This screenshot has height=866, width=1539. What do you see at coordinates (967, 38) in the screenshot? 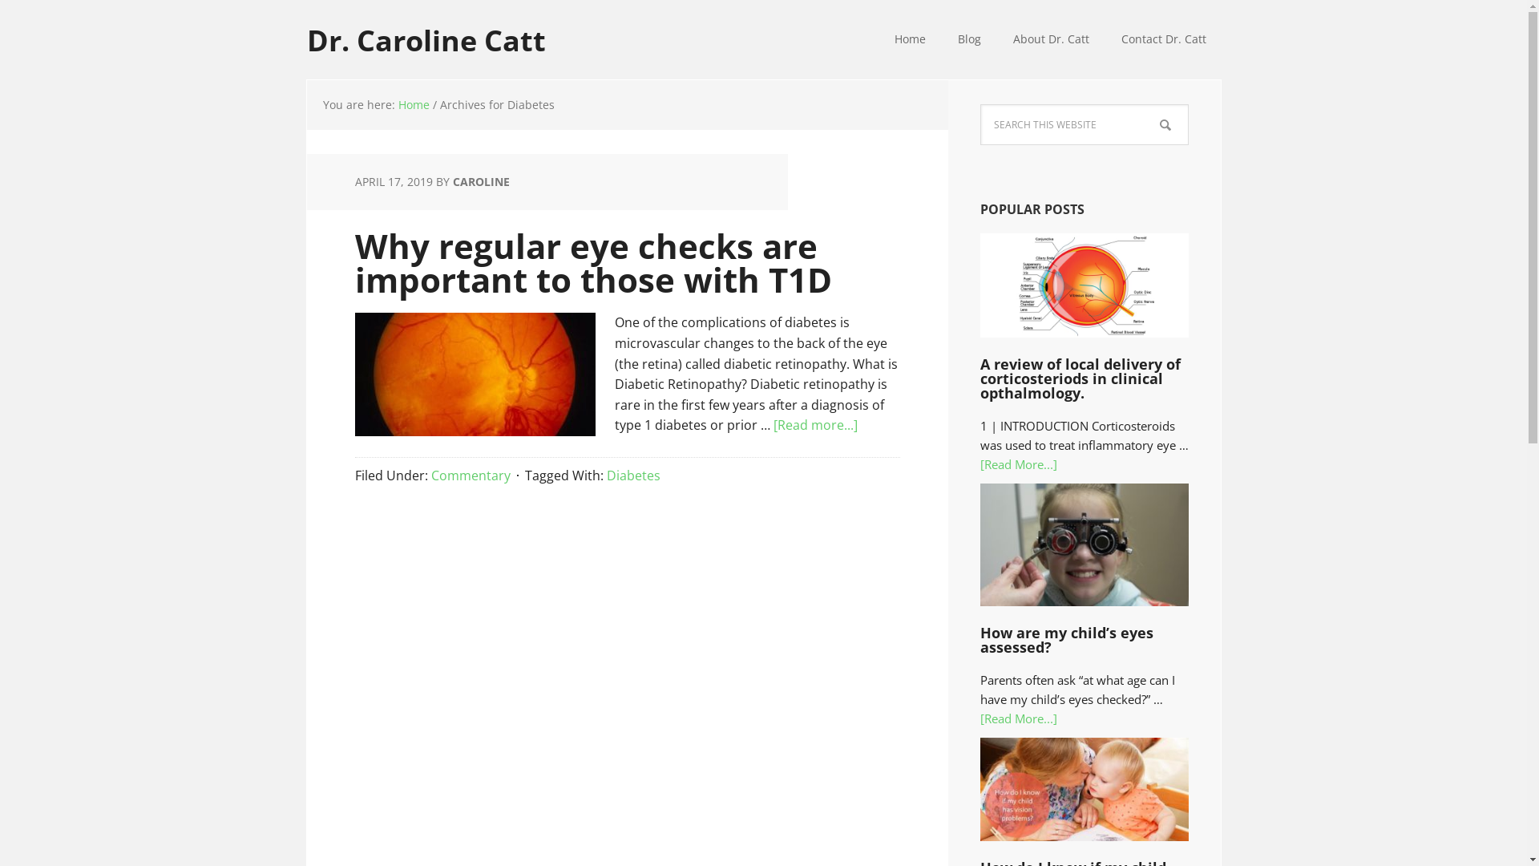
I see `'Blog'` at bounding box center [967, 38].